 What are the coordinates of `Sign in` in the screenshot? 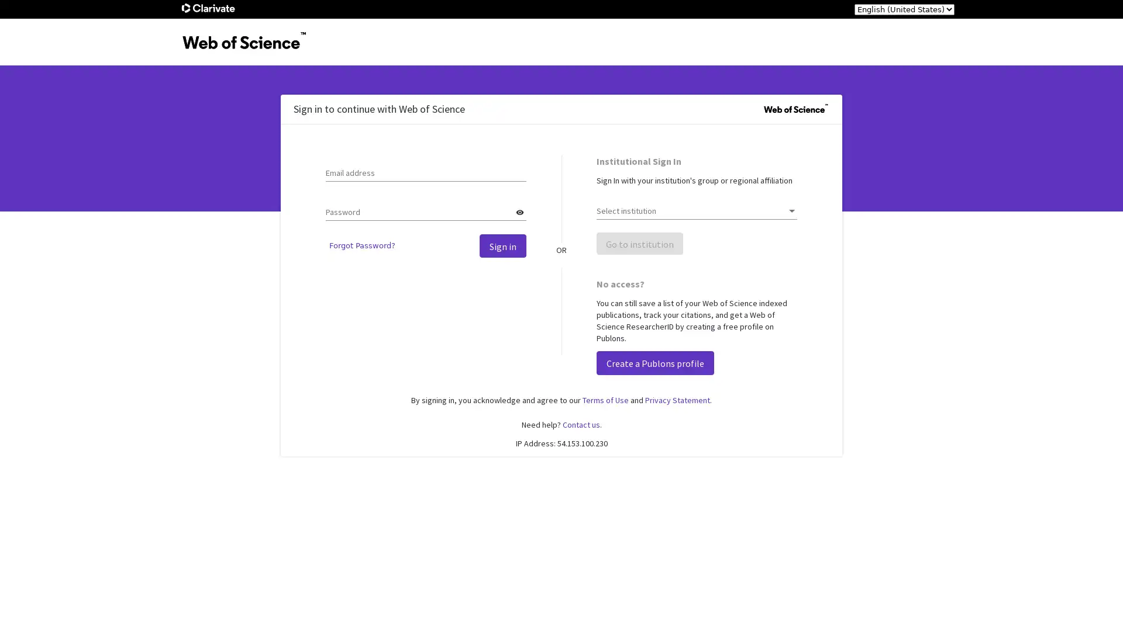 It's located at (502, 245).